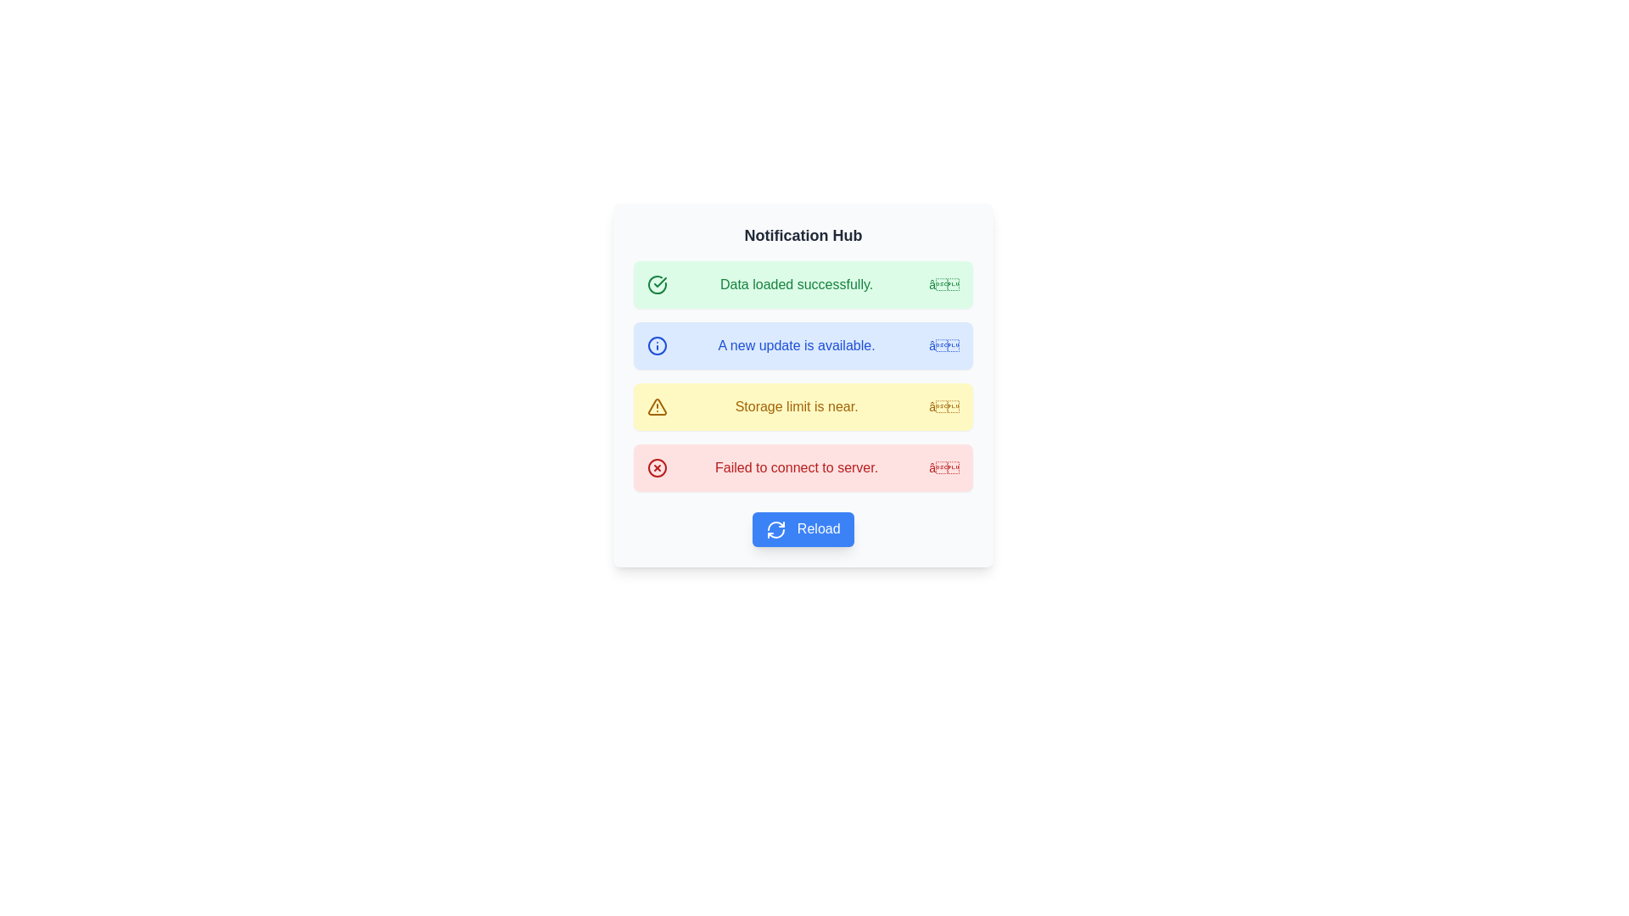 The width and height of the screenshot is (1629, 916). I want to click on the blue rectangular 'Reload' button with rounded corners, located centrally below the notification items, to activate its hover style change, so click(802, 528).